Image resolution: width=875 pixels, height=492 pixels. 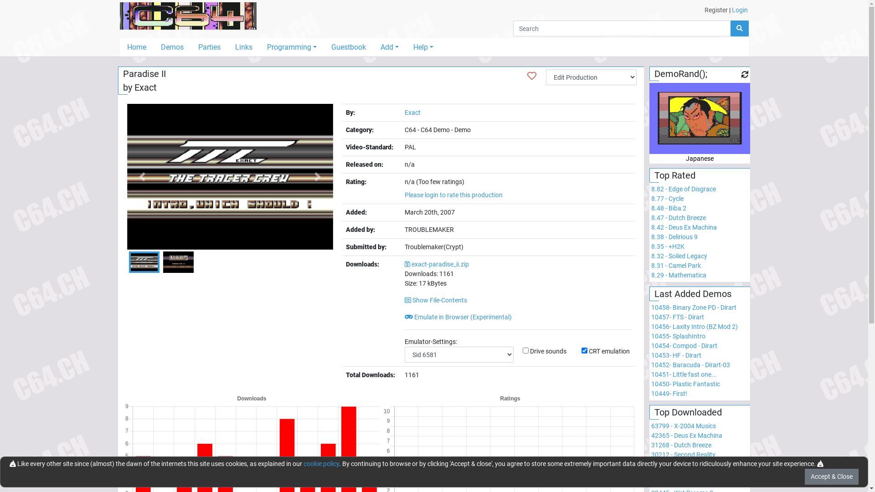 I want to click on 'Add', so click(x=389, y=47).